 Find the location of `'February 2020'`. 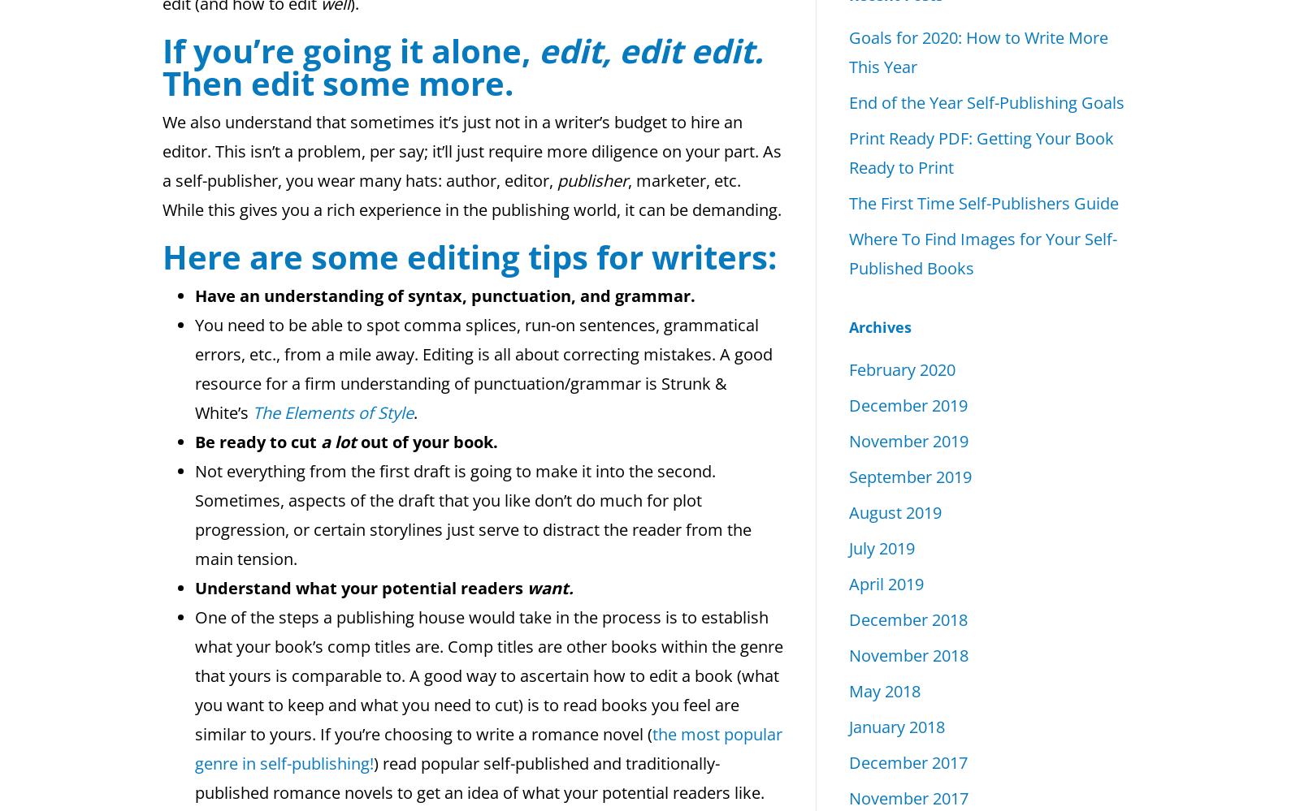

'February 2020' is located at coordinates (848, 369).